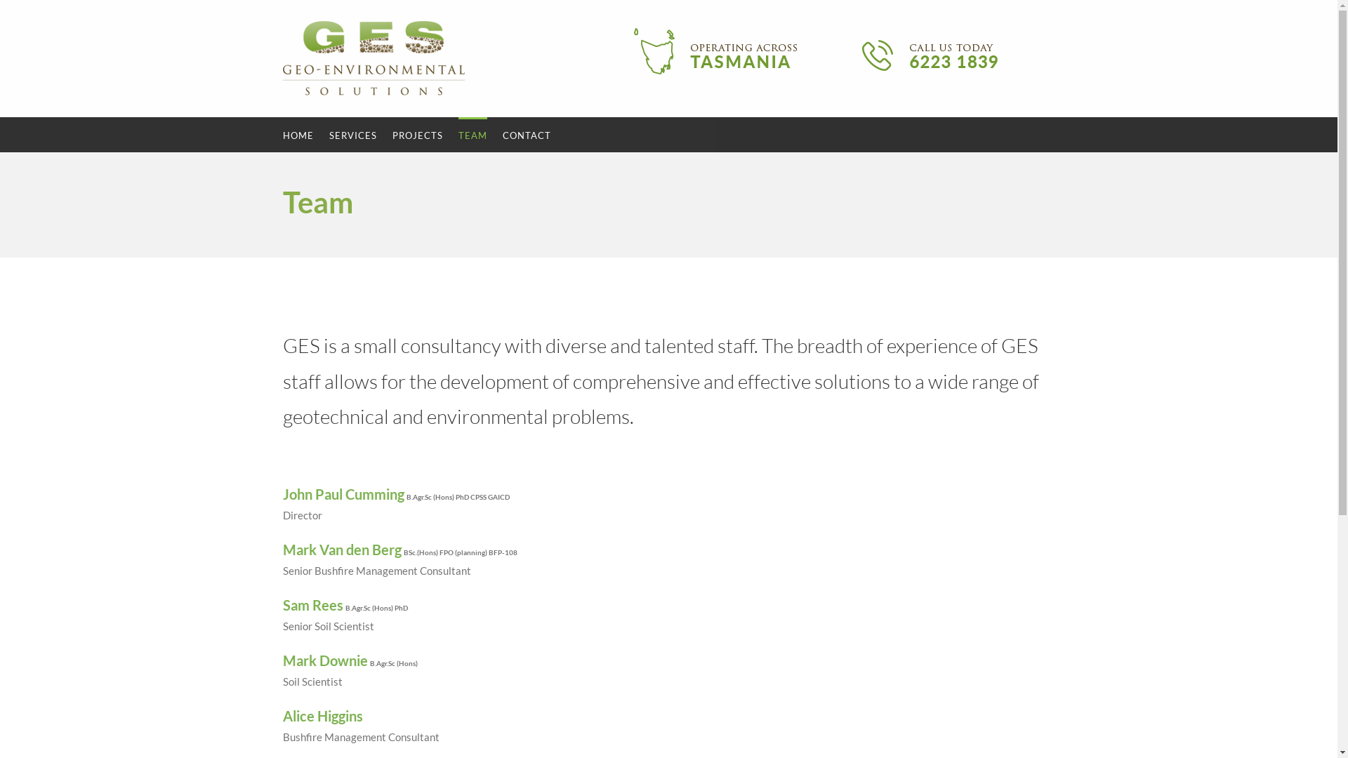 The image size is (1348, 758). Describe the element at coordinates (282, 135) in the screenshot. I see `'HOME'` at that location.